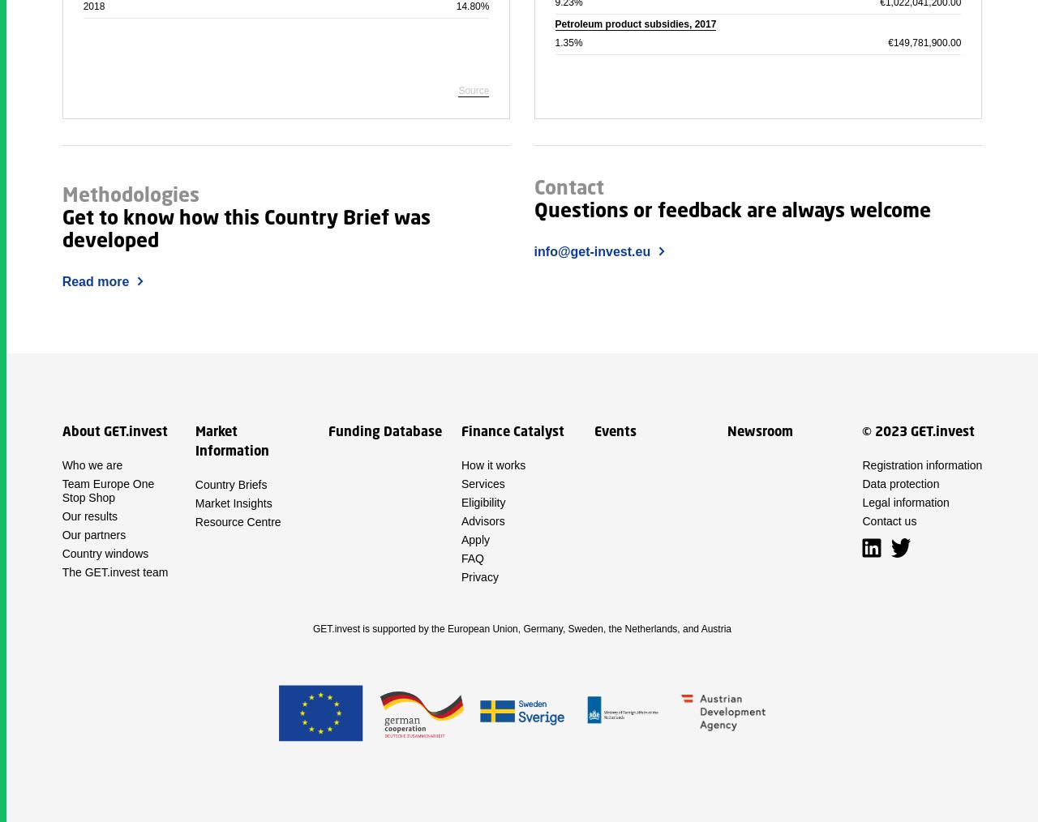 The height and width of the screenshot is (822, 1038). I want to click on 'Market Information', so click(230, 441).